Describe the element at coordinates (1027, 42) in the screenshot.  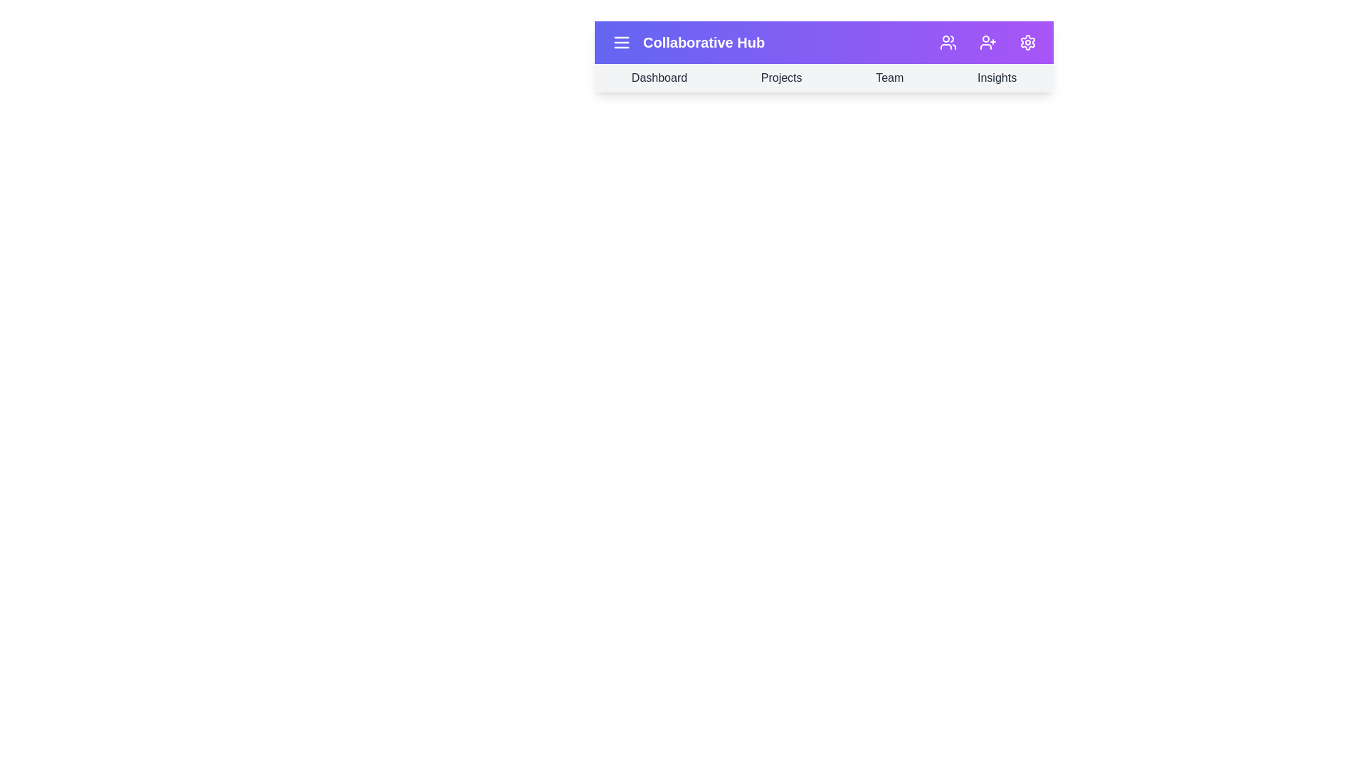
I see `the Settings button in the CollaborativeAppBar` at that location.